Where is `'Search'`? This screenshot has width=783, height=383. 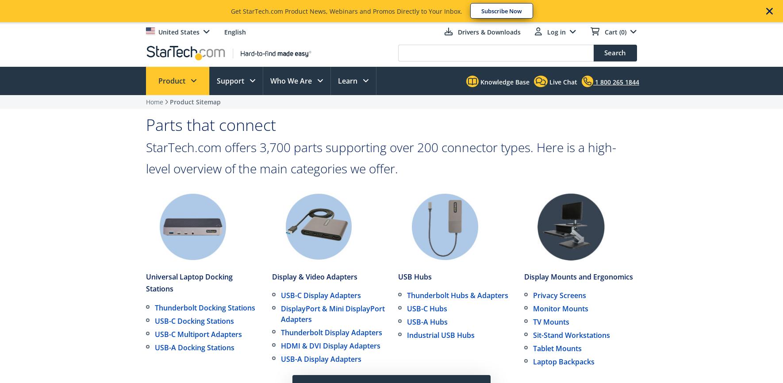 'Search' is located at coordinates (615, 53).